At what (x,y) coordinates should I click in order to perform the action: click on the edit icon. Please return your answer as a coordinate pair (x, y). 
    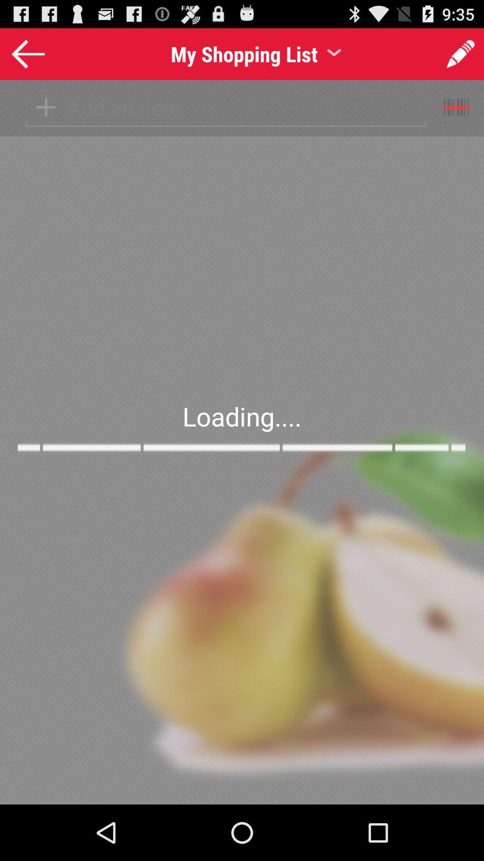
    Looking at the image, I should click on (449, 56).